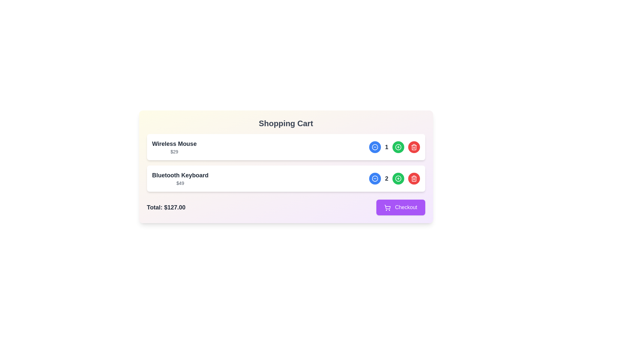  What do you see at coordinates (375, 147) in the screenshot?
I see `the first round blue button with a white minus icon in the shopping cart interface to trigger a visual change` at bounding box center [375, 147].